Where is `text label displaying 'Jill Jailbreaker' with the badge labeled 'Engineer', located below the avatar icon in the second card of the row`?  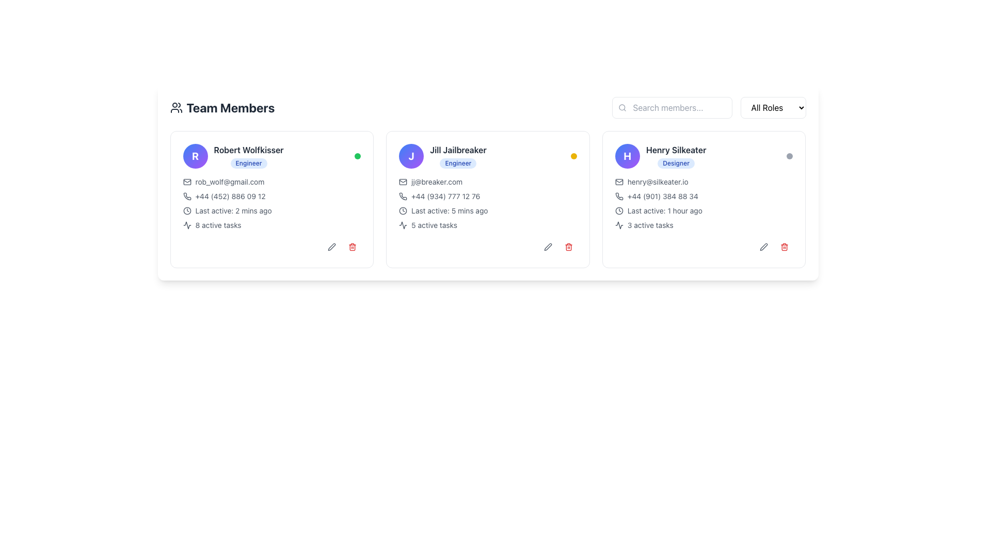
text label displaying 'Jill Jailbreaker' with the badge labeled 'Engineer', located below the avatar icon in the second card of the row is located at coordinates (442, 156).